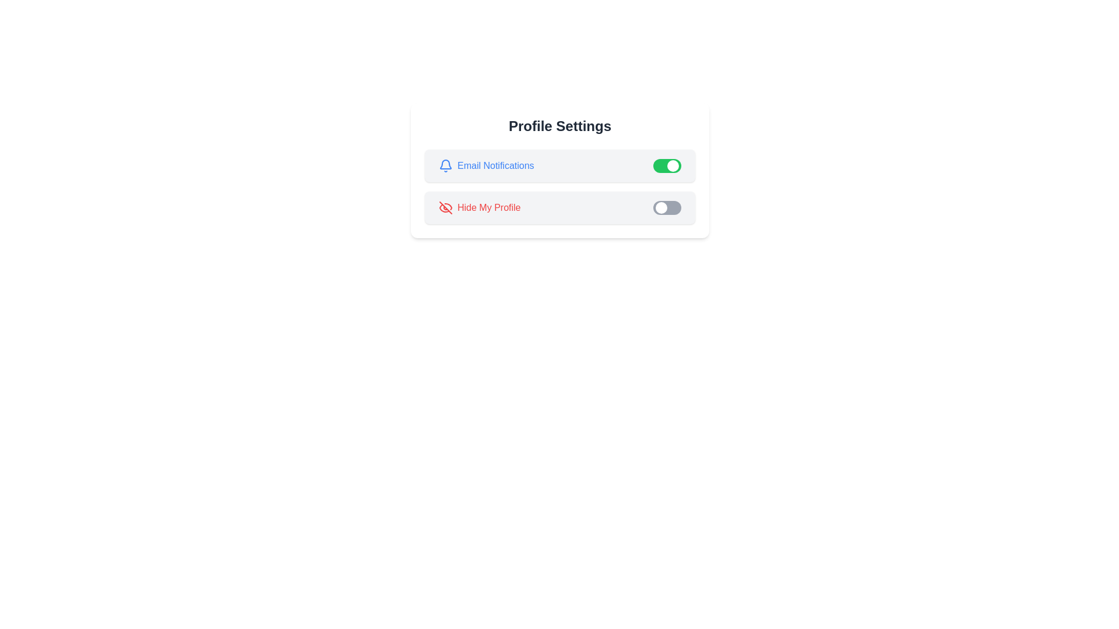 This screenshot has height=629, width=1119. I want to click on the green toggle switch in the Email Notifications section, so click(559, 166).